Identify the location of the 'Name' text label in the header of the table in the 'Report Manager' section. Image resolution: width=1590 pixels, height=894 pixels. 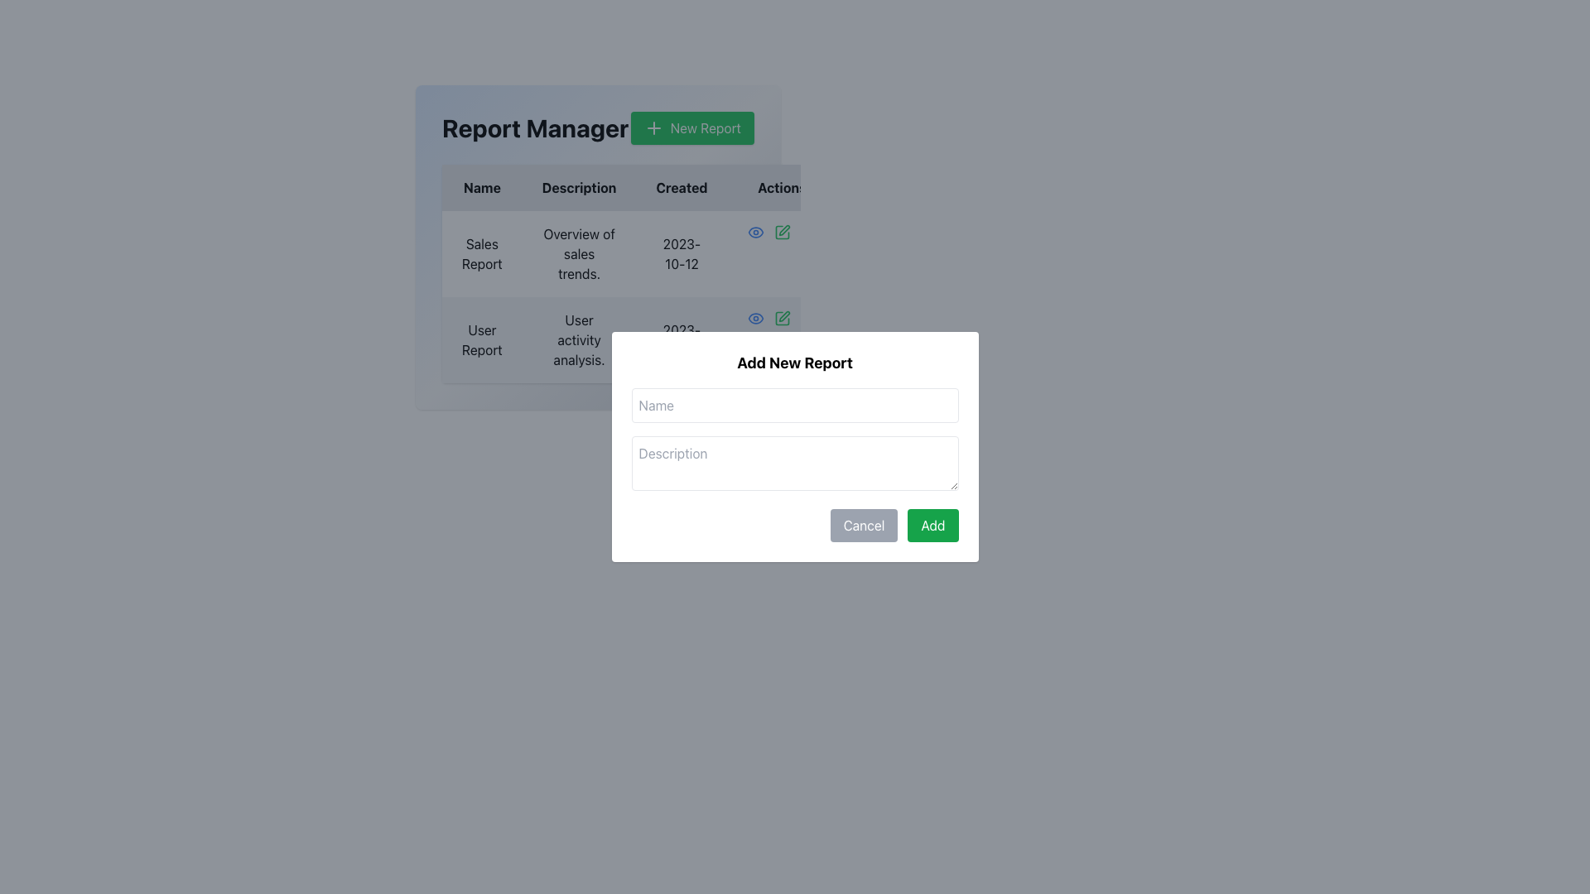
(481, 187).